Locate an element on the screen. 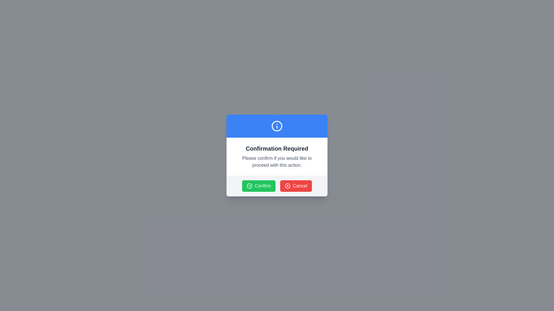  the icon located in the blue header of the modal window, which is above the title 'Confirmation Required' and the action buttons is located at coordinates (277, 126).